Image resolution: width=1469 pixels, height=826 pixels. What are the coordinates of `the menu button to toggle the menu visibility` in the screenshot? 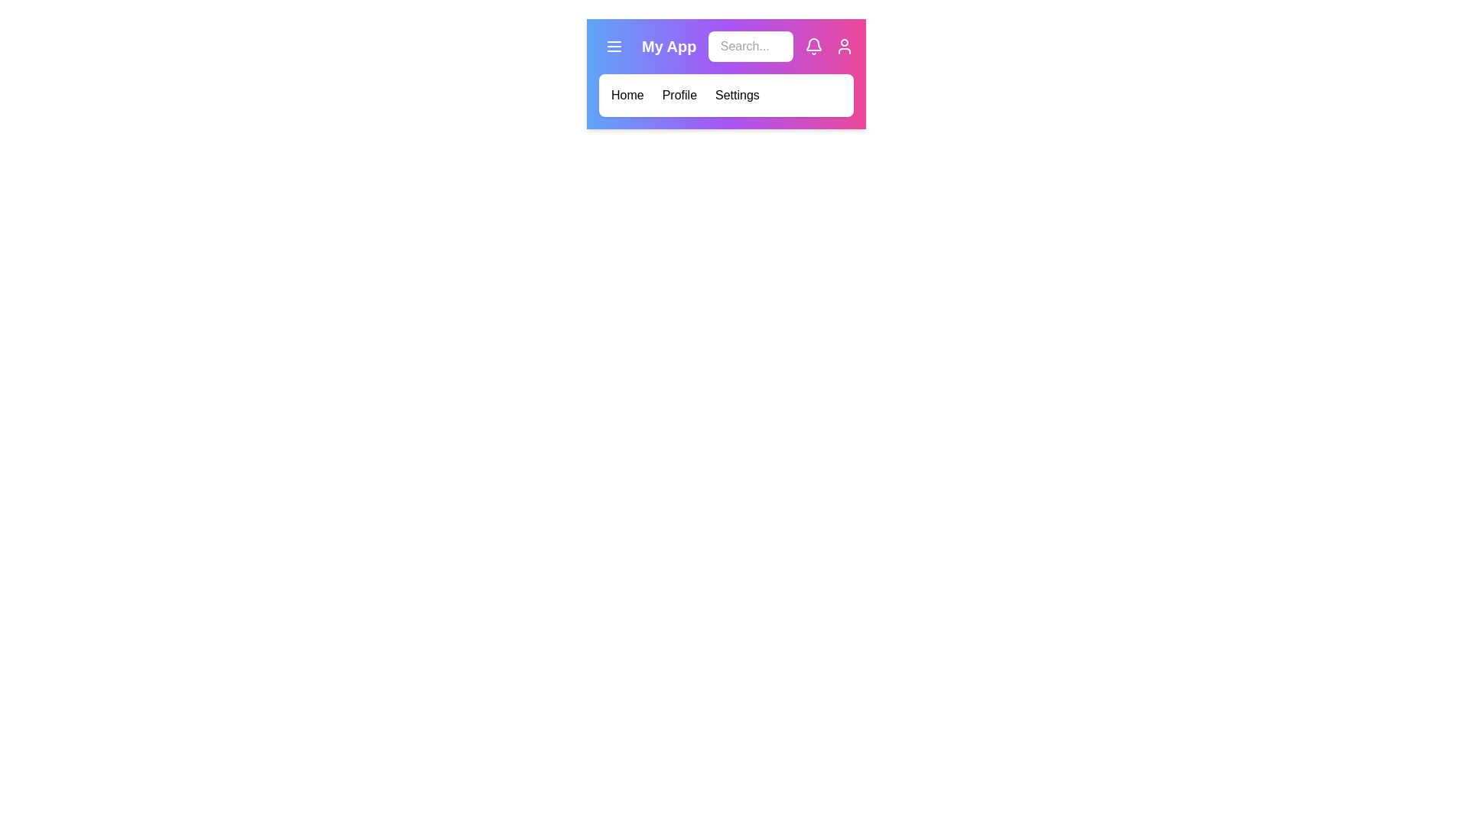 It's located at (614, 46).